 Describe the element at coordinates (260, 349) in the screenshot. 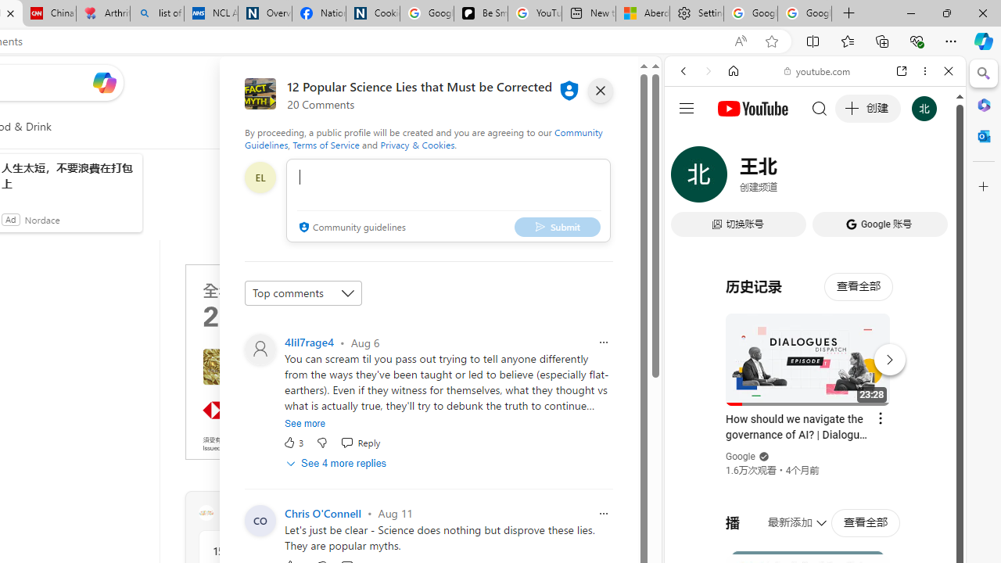

I see `'Profile Picture'` at that location.